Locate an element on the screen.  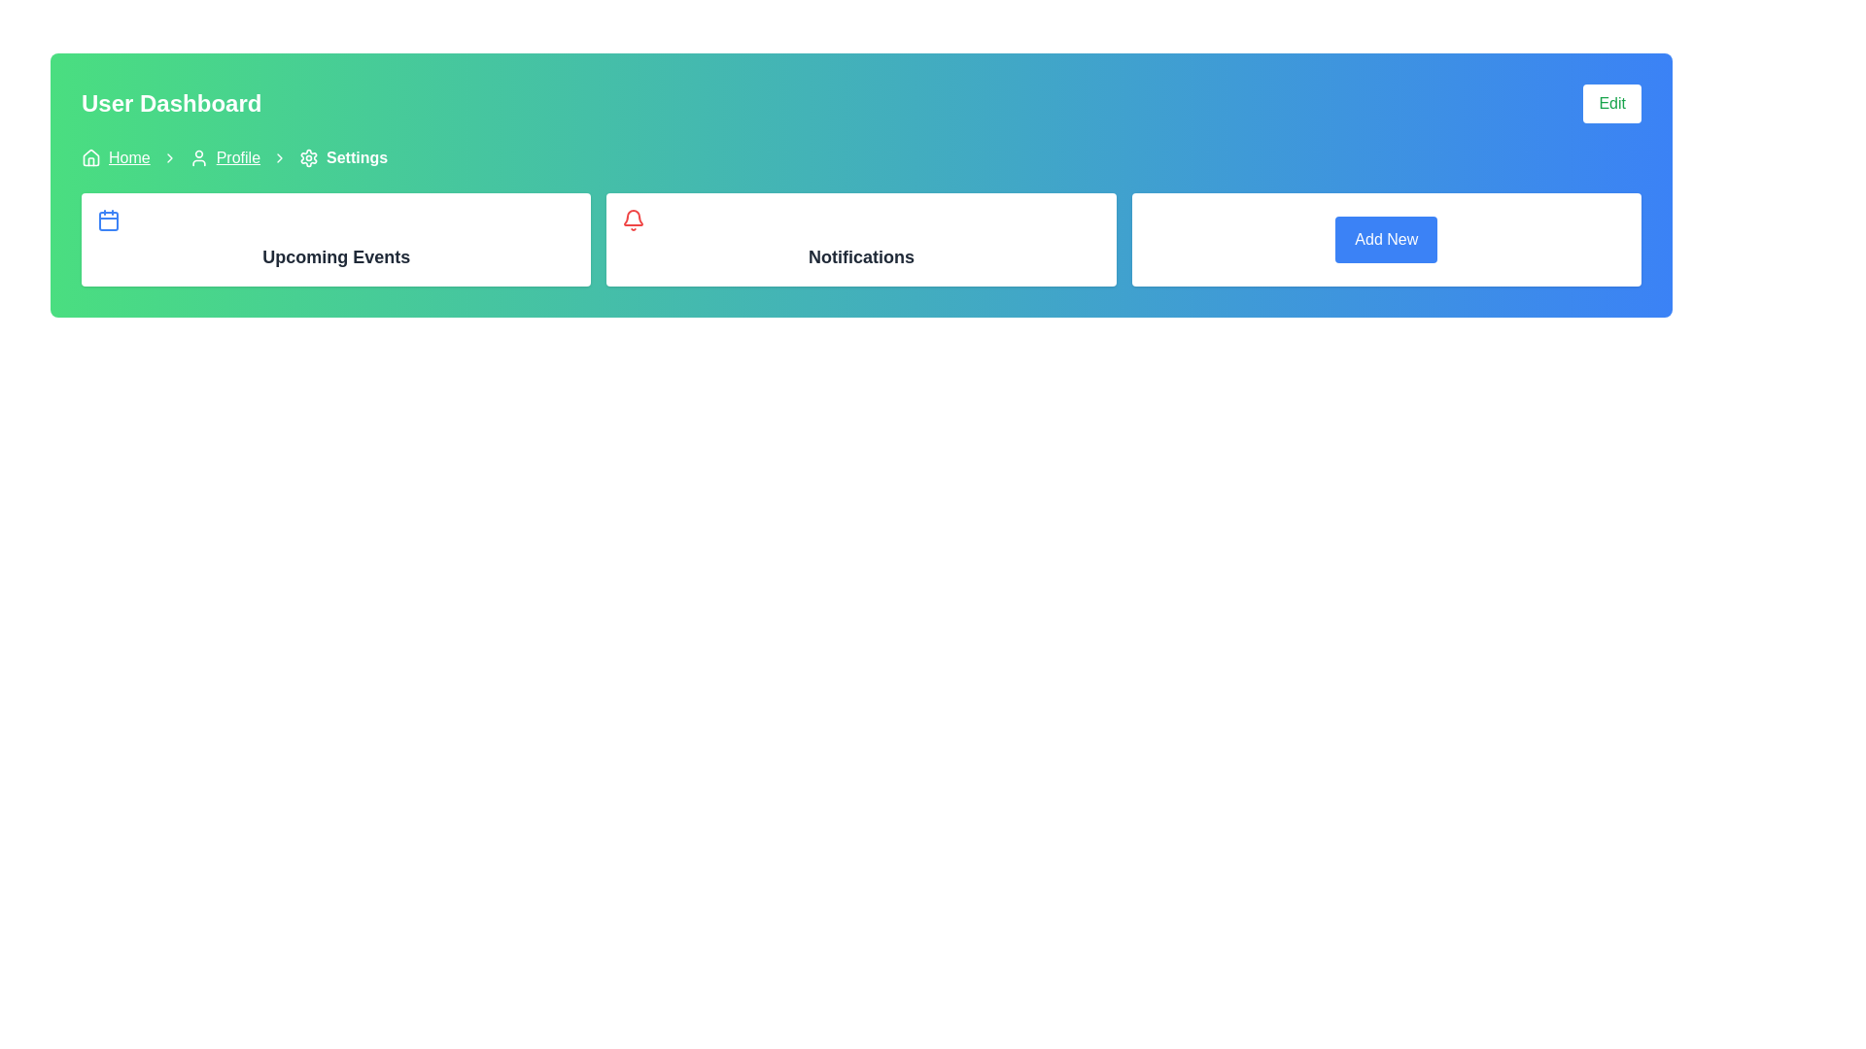
the 'Edit' button located in the top-right corner of the User Dashboard, which has a white background and green text is located at coordinates (1612, 104).